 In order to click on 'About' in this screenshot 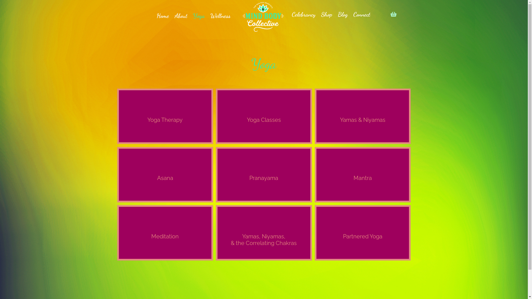, I will do `click(181, 16)`.